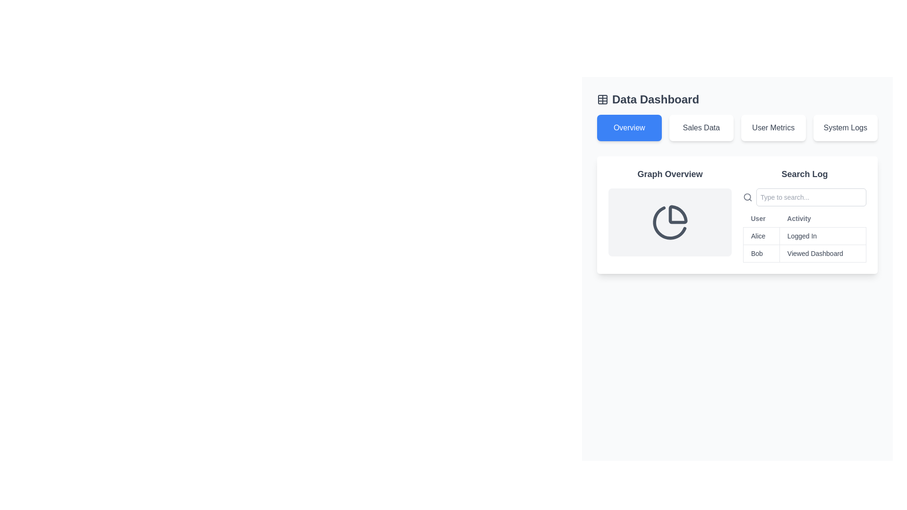 The height and width of the screenshot is (510, 907). Describe the element at coordinates (822, 253) in the screenshot. I see `the text field displaying the activity record for user 'Bob' noting 'Viewed Dashboard', located in the 'Activity' column of the 'Search Log' section` at that location.